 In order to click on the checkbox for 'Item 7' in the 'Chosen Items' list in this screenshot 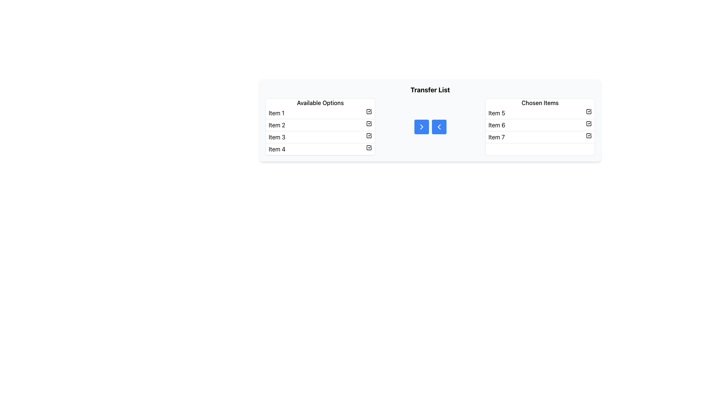, I will do `click(589, 135)`.